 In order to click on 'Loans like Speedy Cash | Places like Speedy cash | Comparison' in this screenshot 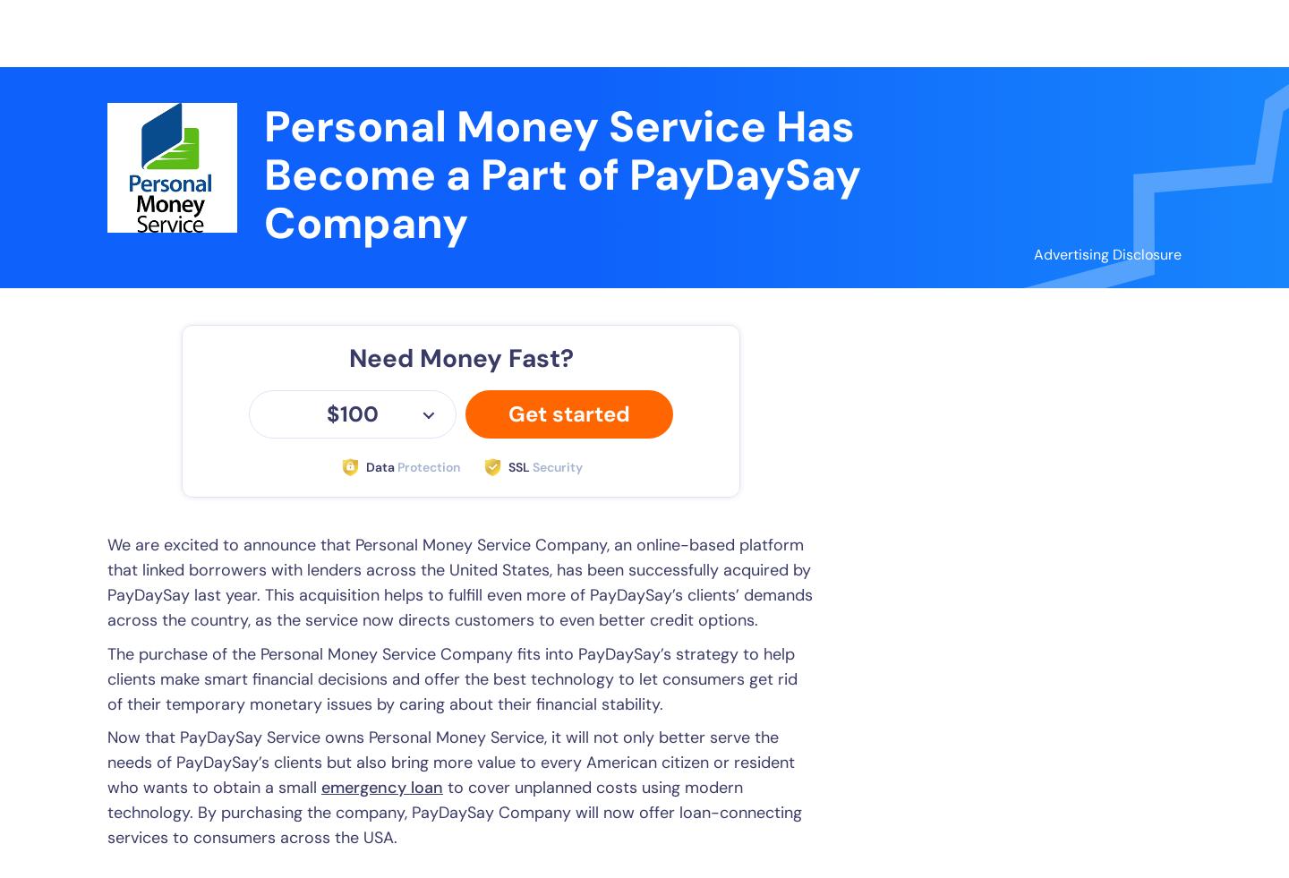, I will do `click(1057, 234)`.